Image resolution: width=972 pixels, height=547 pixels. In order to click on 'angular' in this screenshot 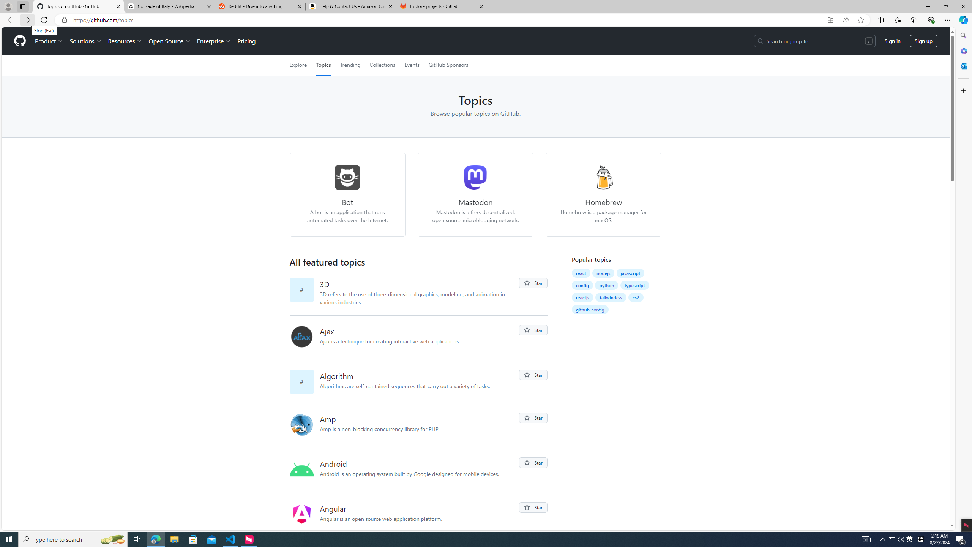, I will do `click(301, 514)`.